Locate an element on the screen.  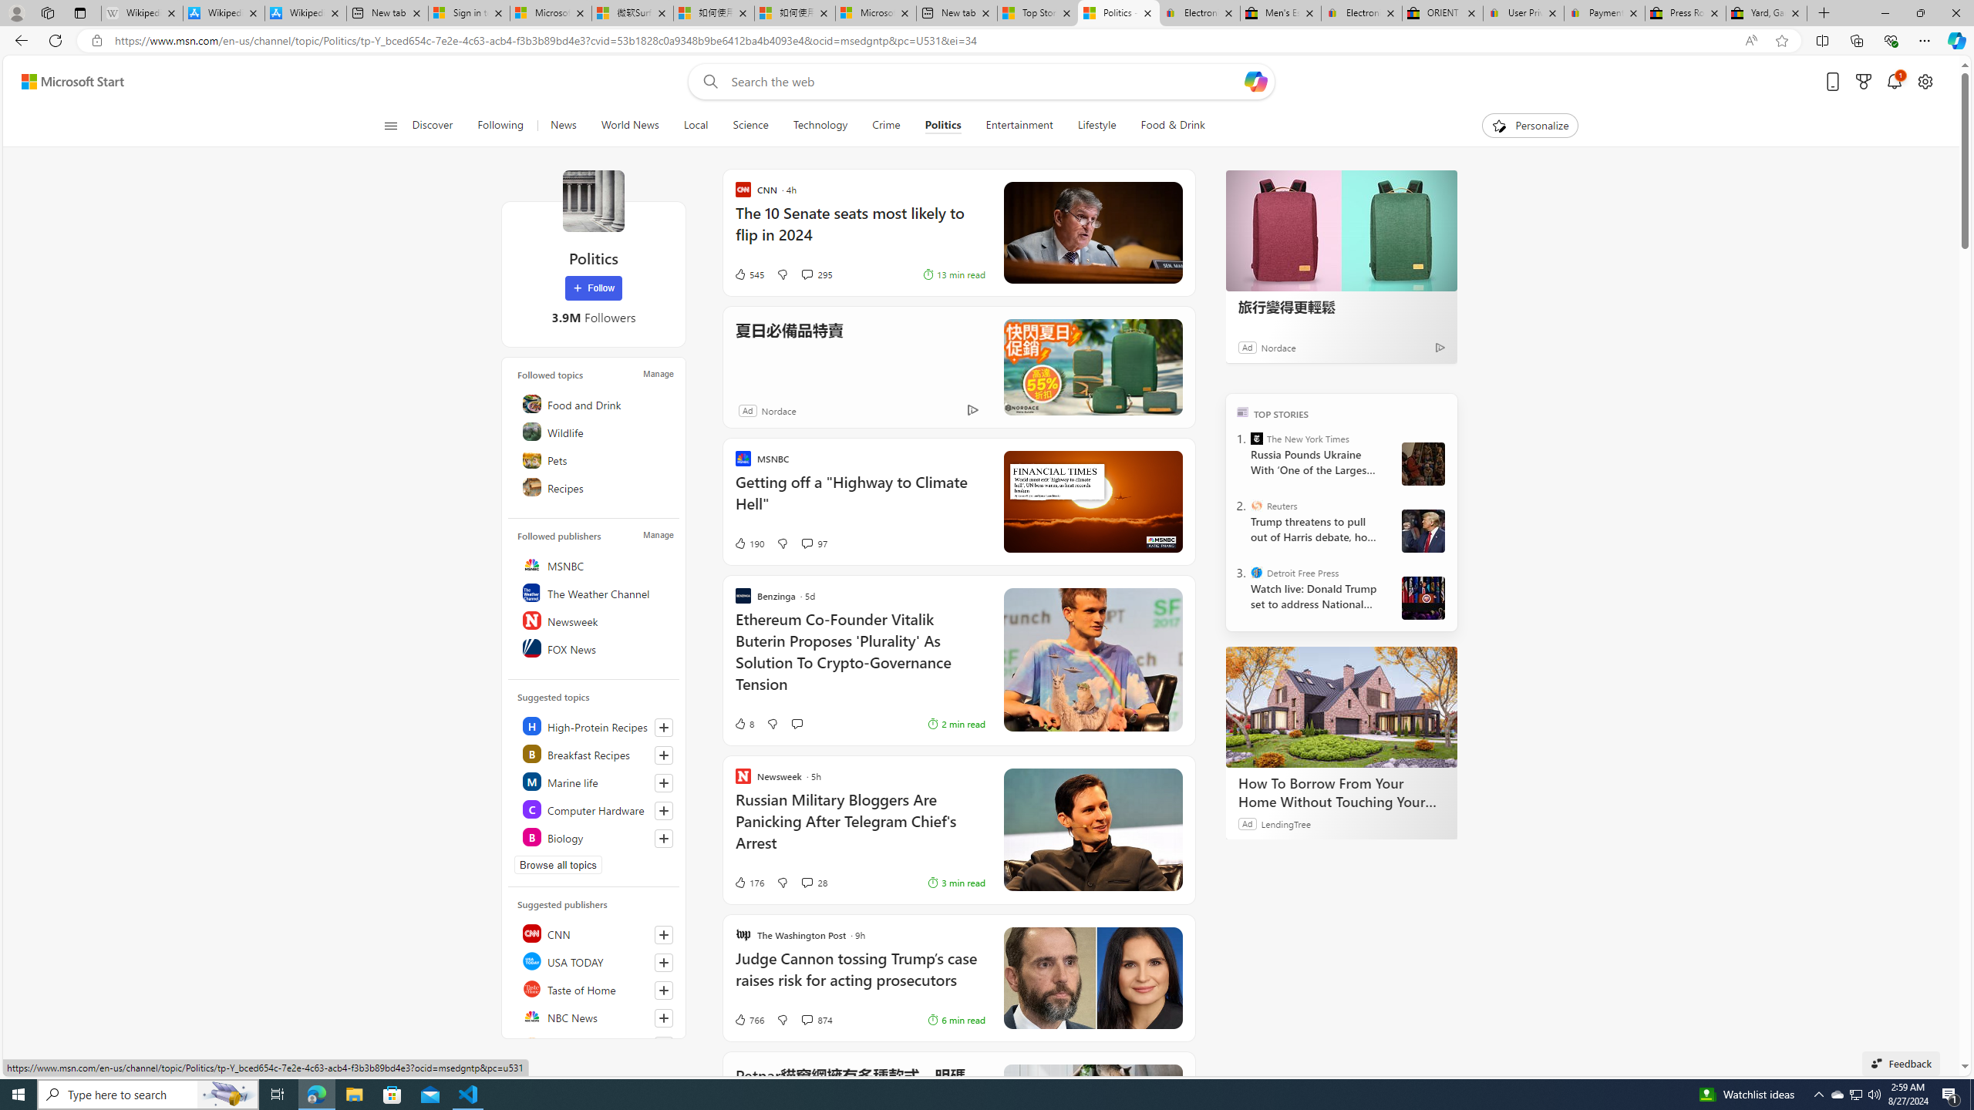
'View comments 295 Comment' is located at coordinates (805, 274).